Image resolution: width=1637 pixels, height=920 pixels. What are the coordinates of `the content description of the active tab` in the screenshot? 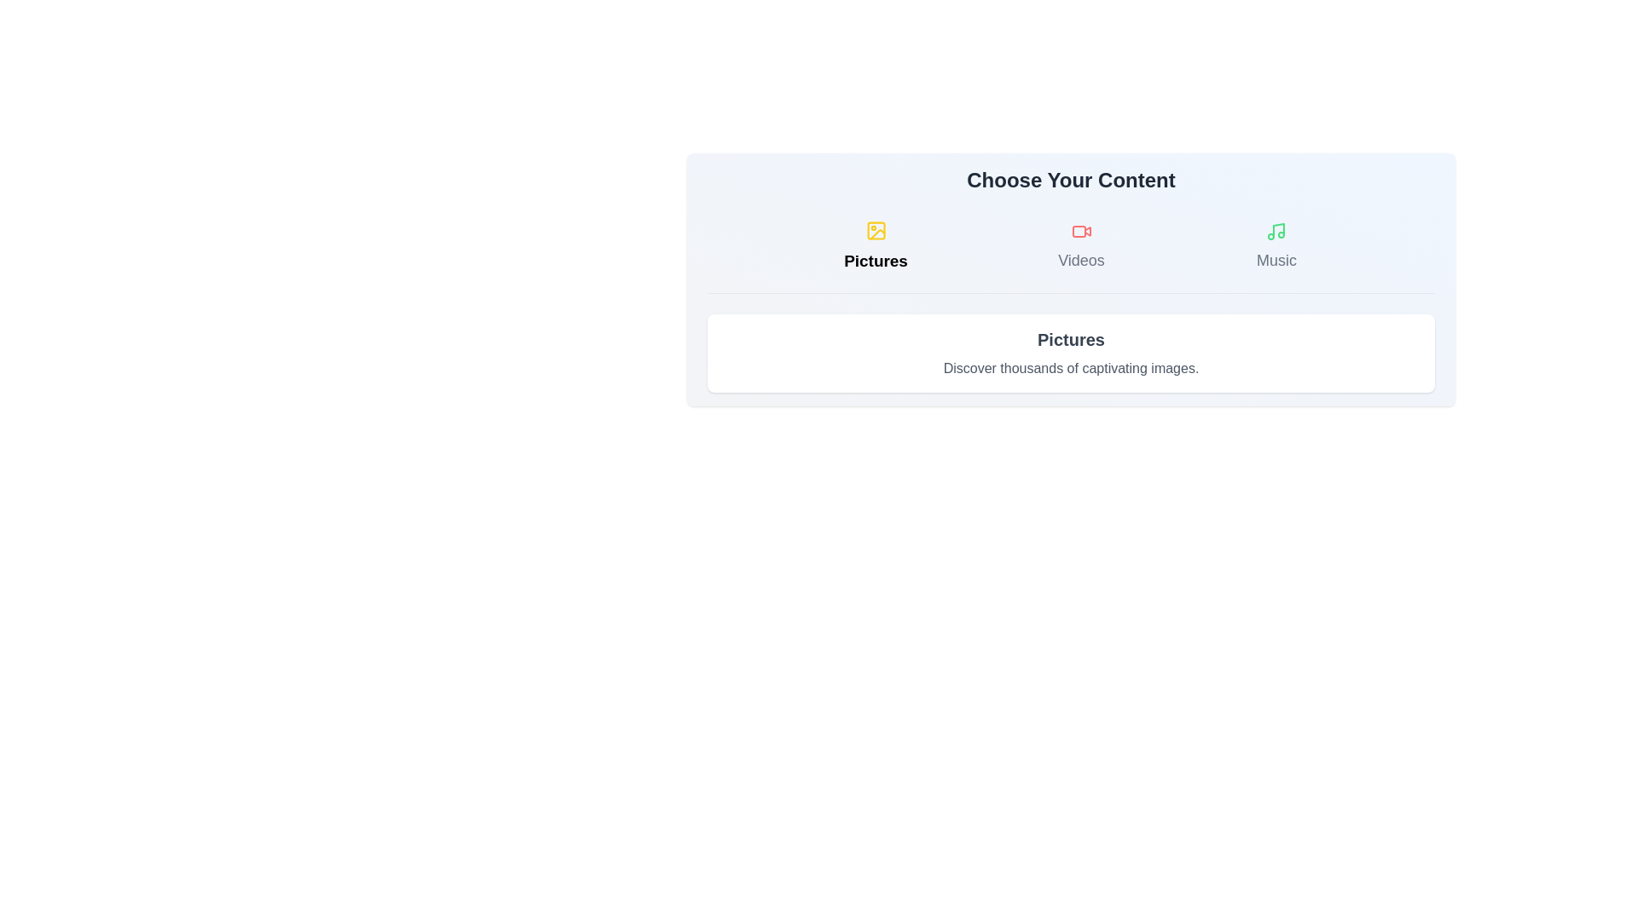 It's located at (1070, 353).